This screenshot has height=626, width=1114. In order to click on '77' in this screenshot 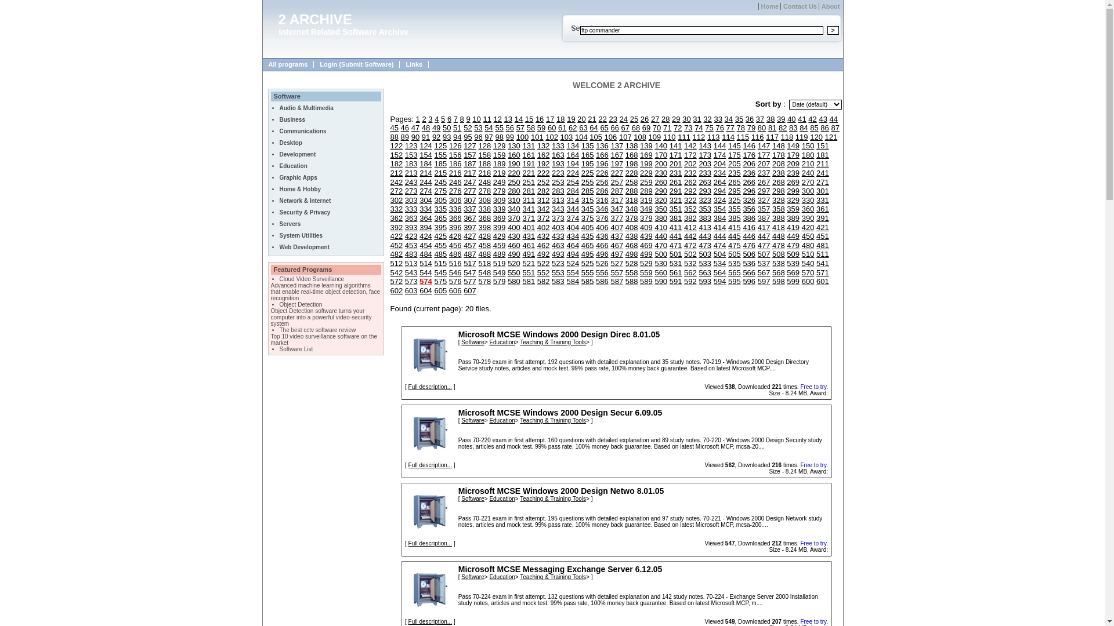, I will do `click(729, 128)`.